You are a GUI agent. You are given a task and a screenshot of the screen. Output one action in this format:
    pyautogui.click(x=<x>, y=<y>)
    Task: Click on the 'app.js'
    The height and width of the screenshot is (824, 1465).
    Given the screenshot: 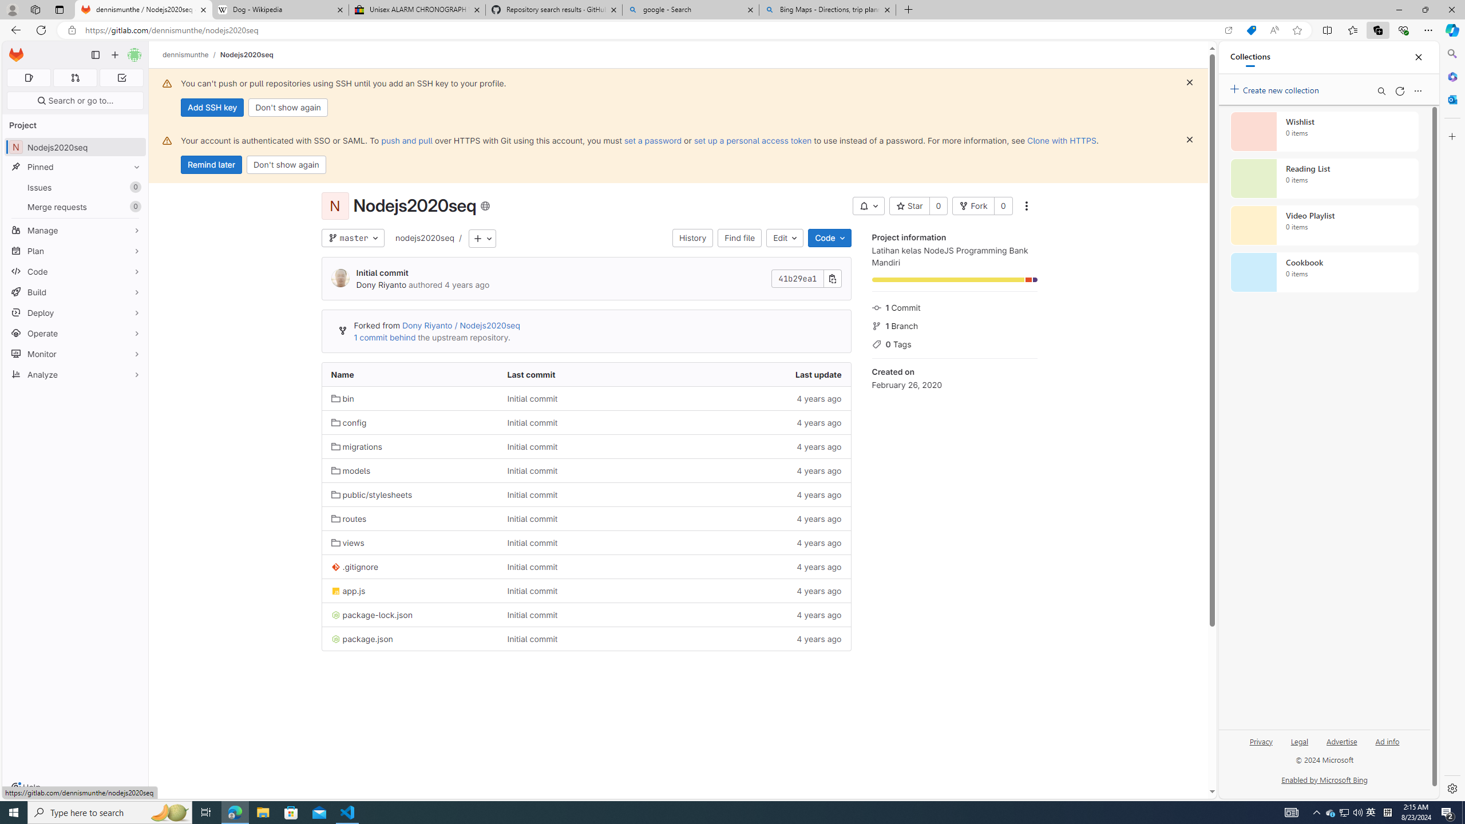 What is the action you would take?
    pyautogui.click(x=410, y=590)
    